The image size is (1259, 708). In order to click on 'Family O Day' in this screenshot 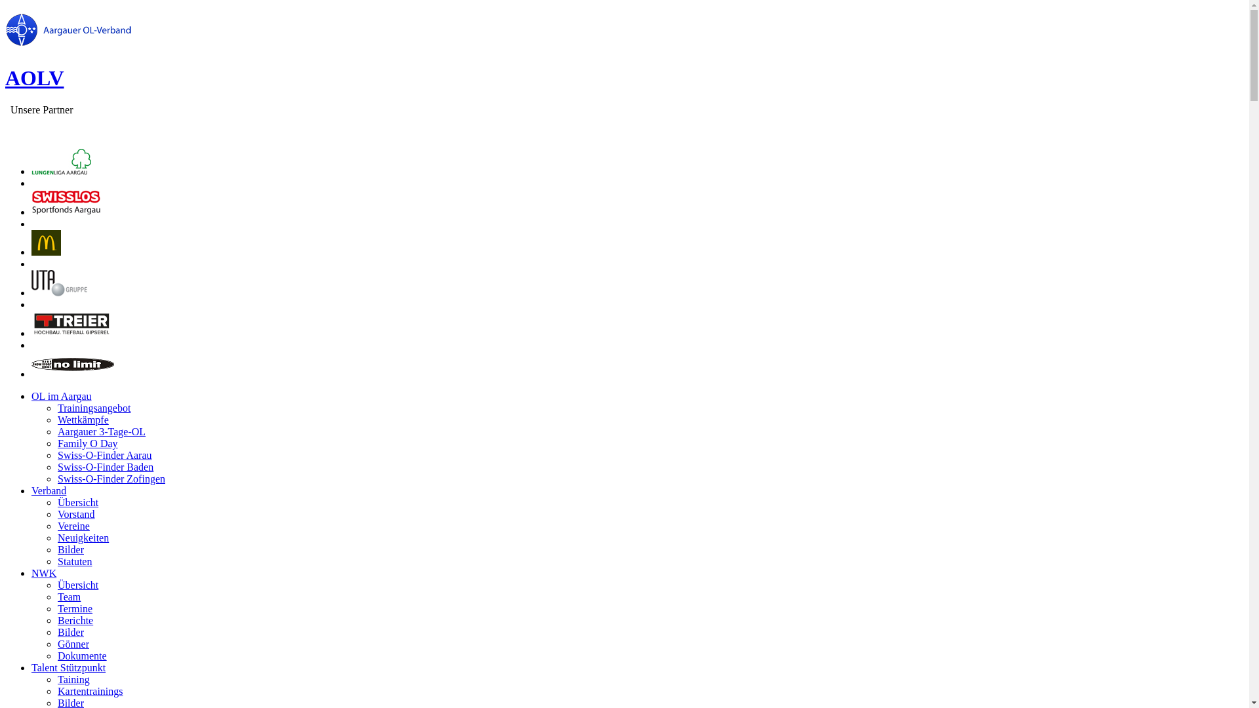, I will do `click(87, 442)`.